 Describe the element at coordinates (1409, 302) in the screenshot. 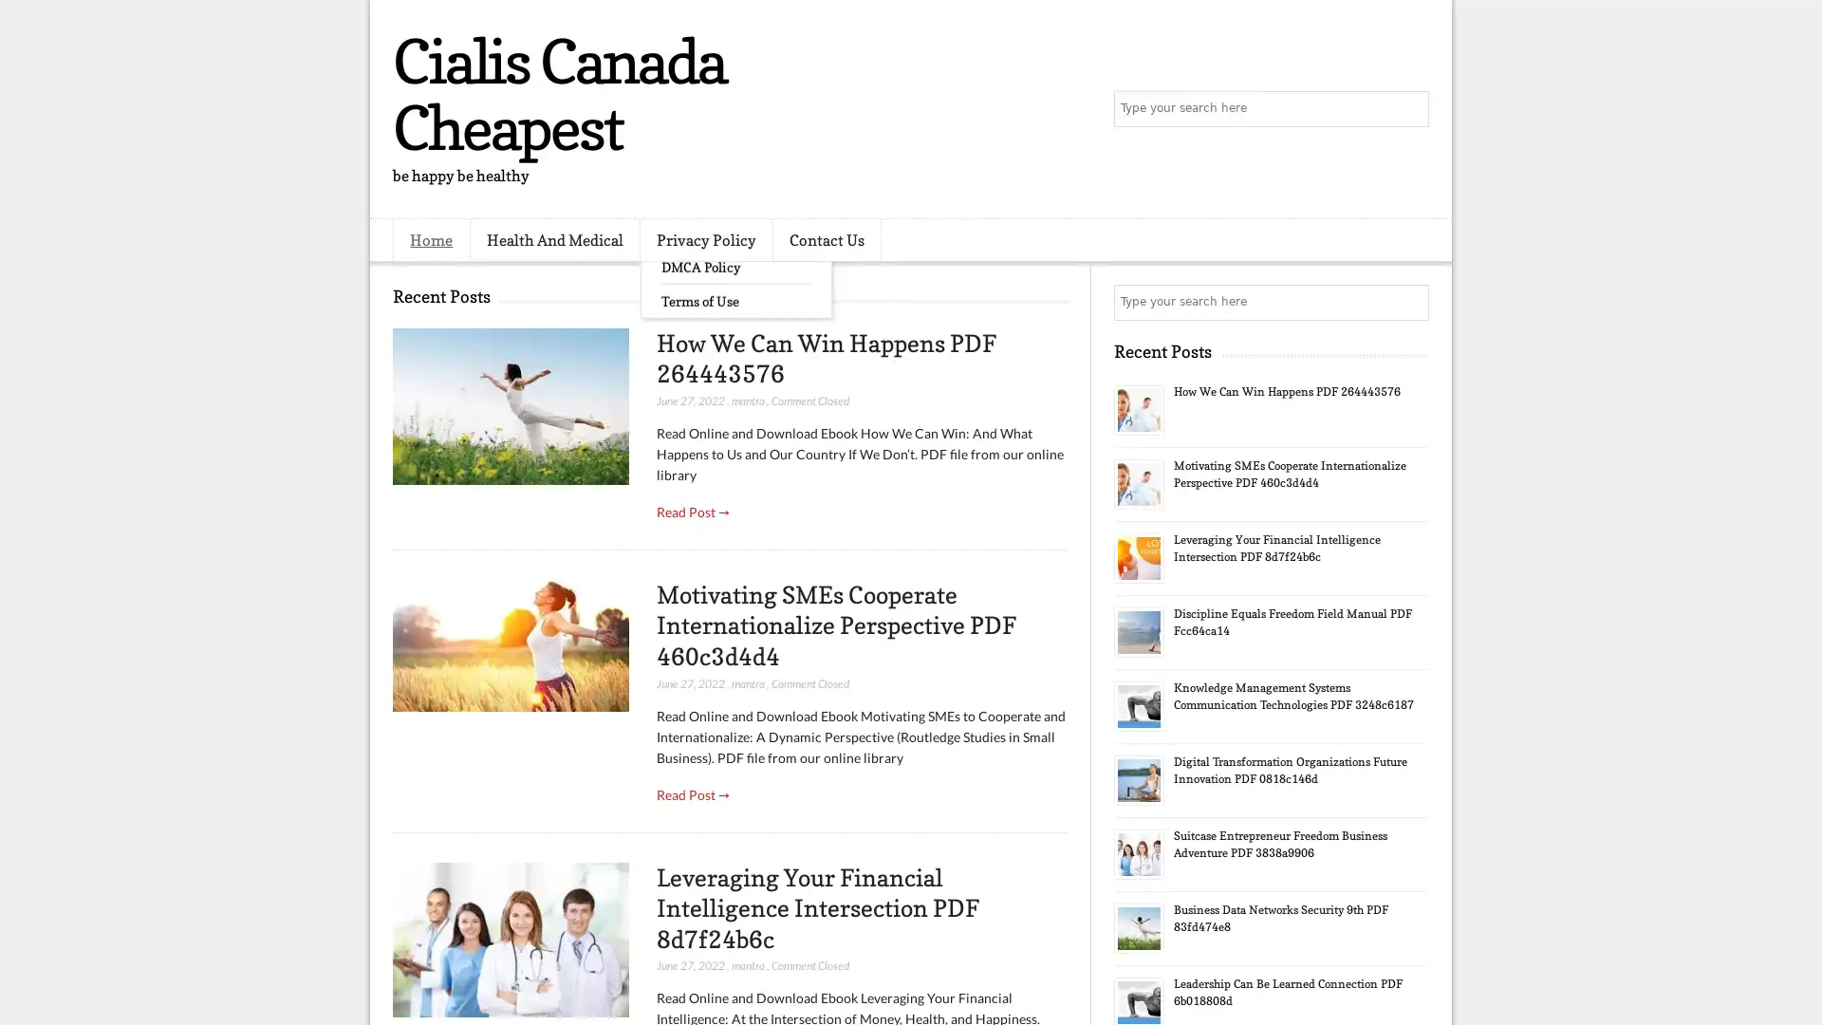

I see `Search` at that location.